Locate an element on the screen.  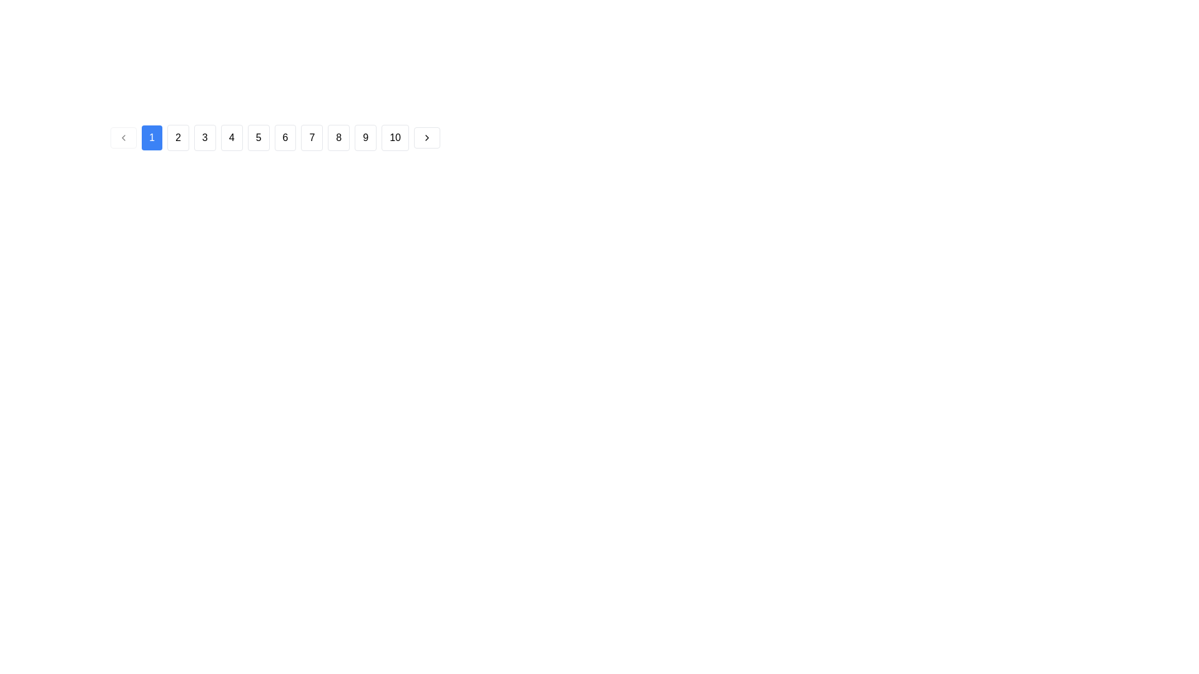
the pagination button that navigates to the eighth page, positioned between buttons '7' and '9' is located at coordinates (338, 137).